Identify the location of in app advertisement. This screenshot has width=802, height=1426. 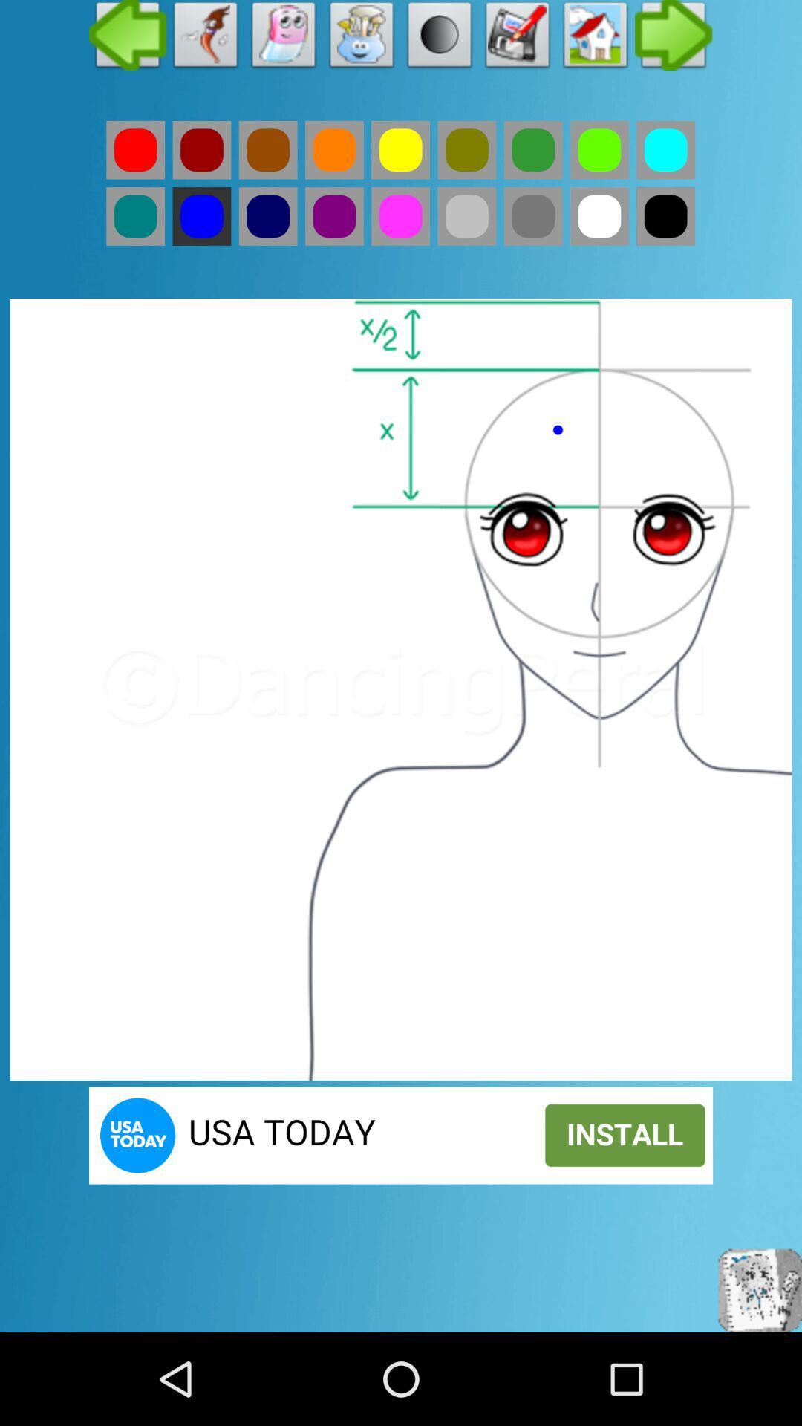
(401, 1134).